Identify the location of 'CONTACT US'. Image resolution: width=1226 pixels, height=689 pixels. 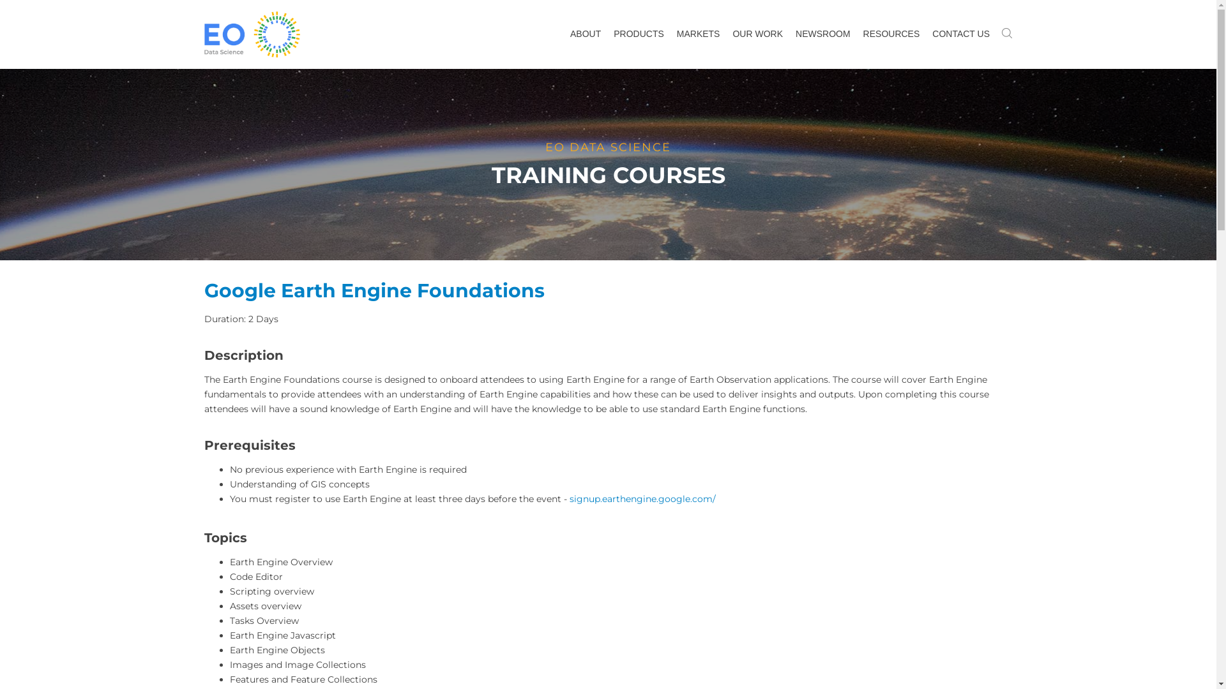
(961, 33).